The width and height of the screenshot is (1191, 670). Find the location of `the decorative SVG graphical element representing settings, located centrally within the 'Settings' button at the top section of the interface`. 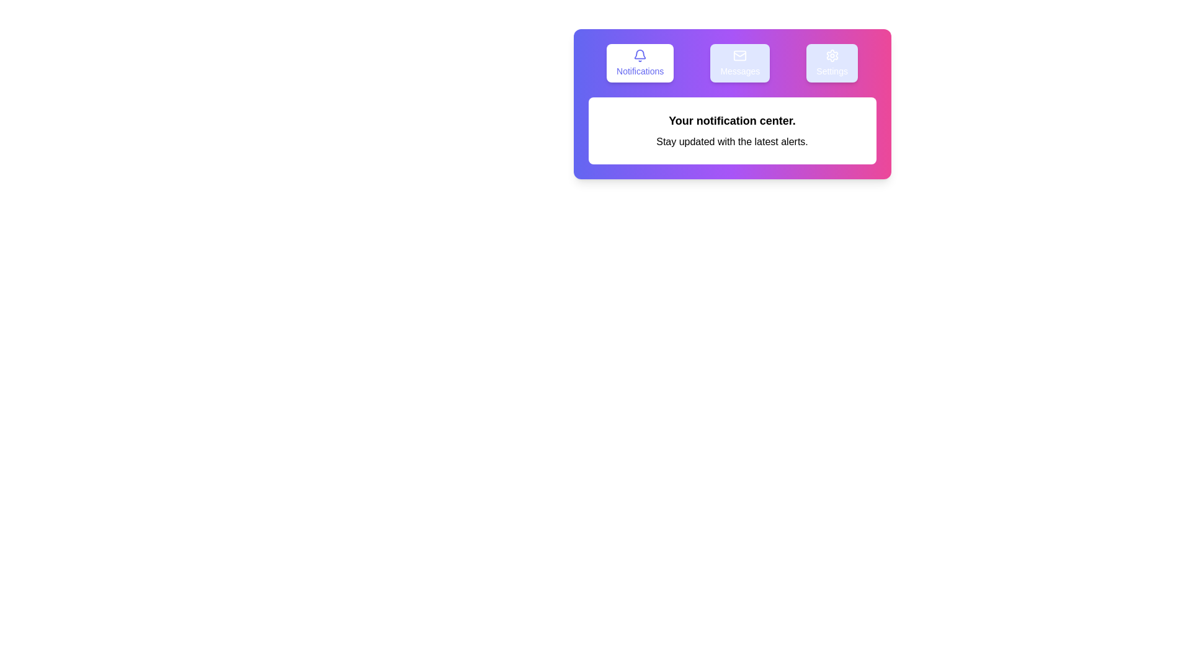

the decorative SVG graphical element representing settings, located centrally within the 'Settings' button at the top section of the interface is located at coordinates (832, 55).